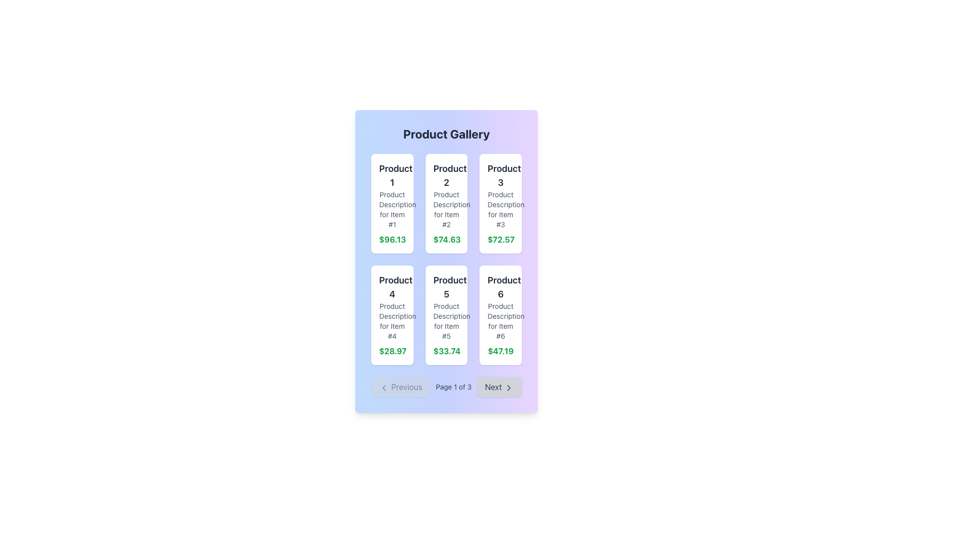 This screenshot has height=538, width=958. I want to click on the fourth card in the grid layout, which has a light background, rounded corners, a shadow effect, and contains the title 'Product 4', a description, and a price of '$28.97', so click(392, 315).